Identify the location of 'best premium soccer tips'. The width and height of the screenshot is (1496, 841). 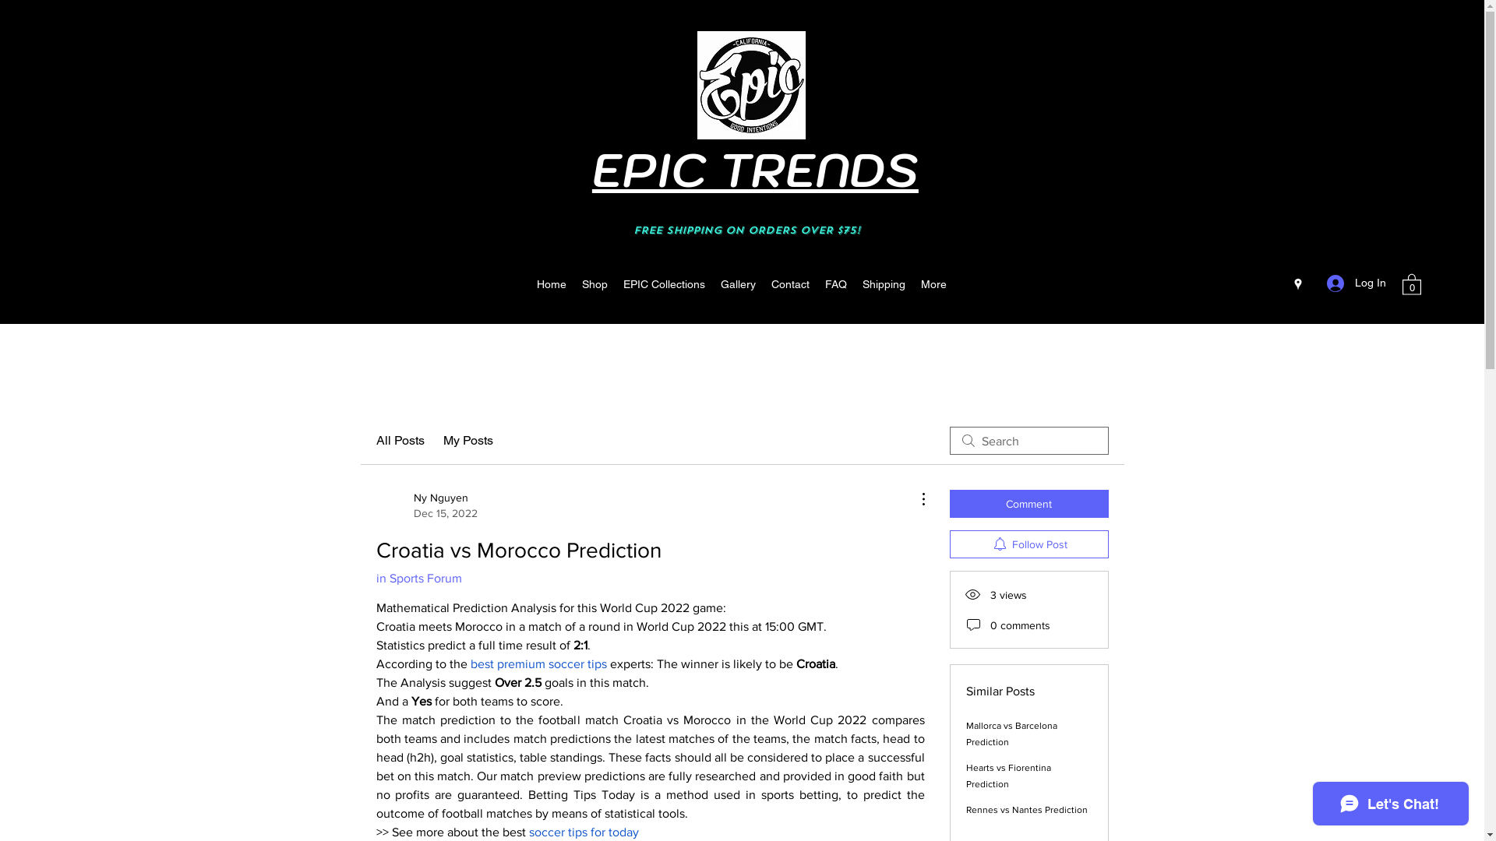
(538, 663).